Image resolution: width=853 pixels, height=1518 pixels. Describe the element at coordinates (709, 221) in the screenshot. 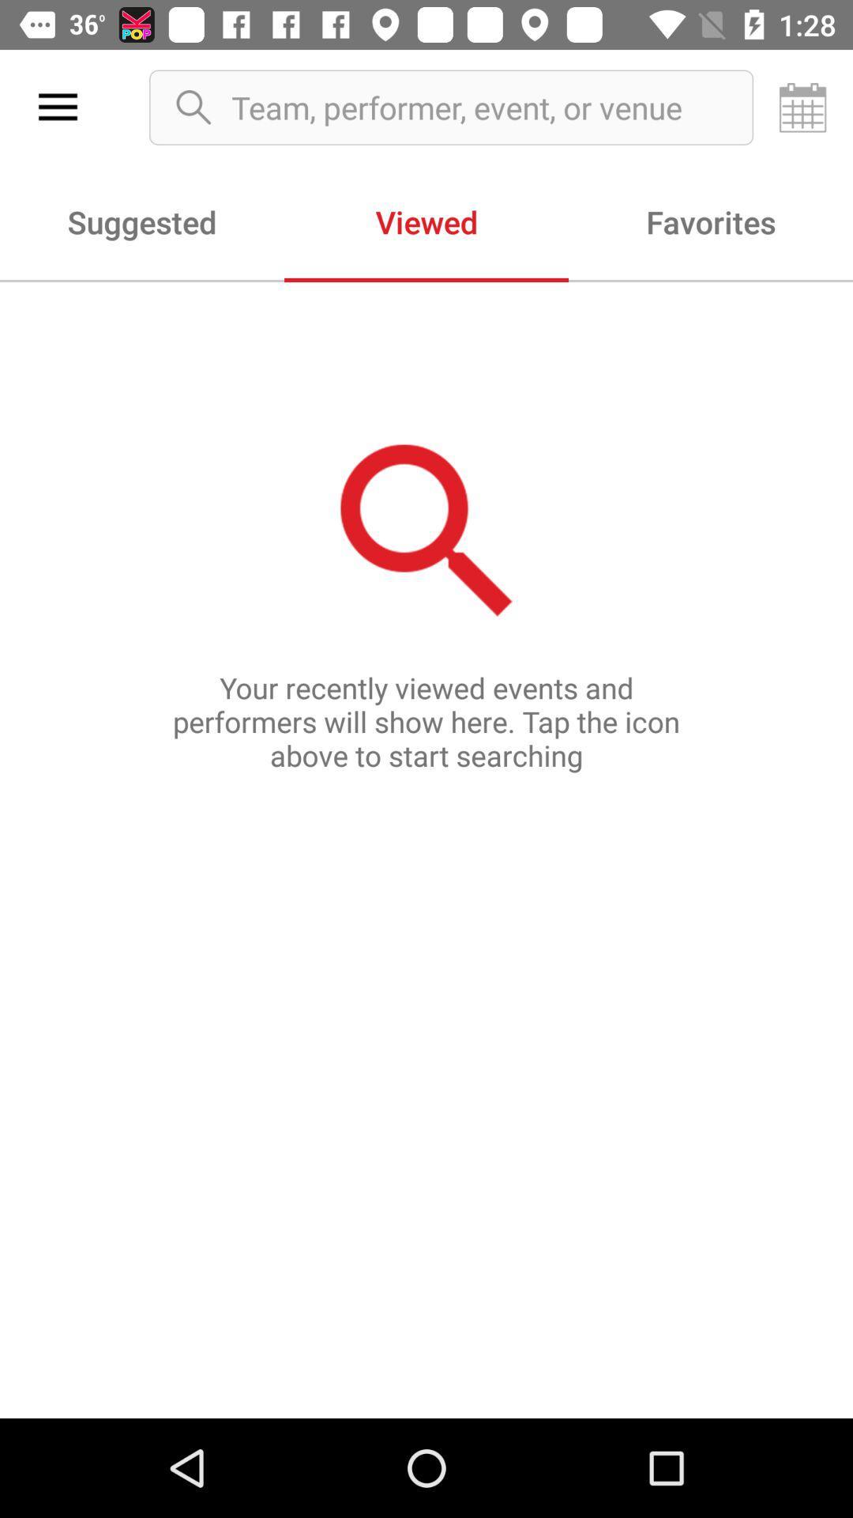

I see `favorites` at that location.